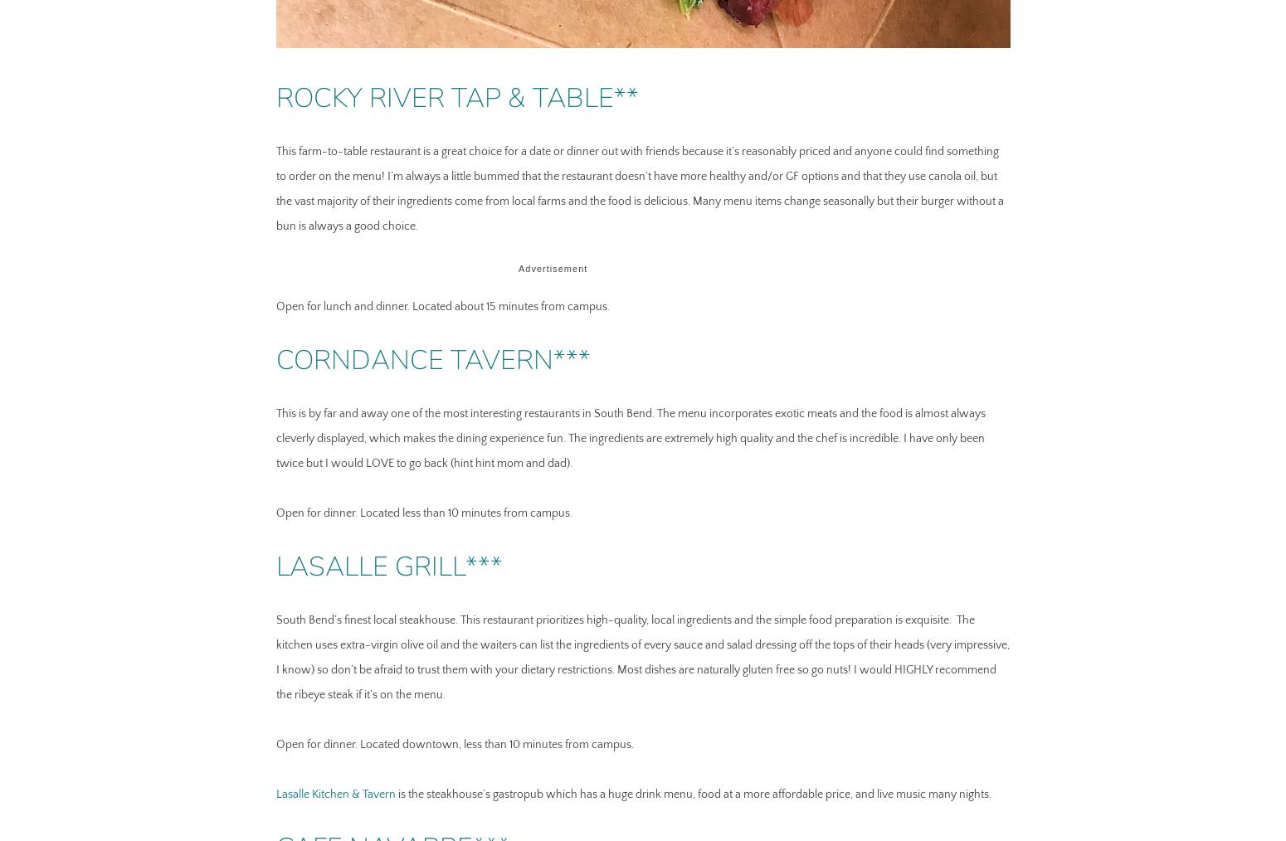  What do you see at coordinates (431, 358) in the screenshot?
I see `'Corndance Tavern***'` at bounding box center [431, 358].